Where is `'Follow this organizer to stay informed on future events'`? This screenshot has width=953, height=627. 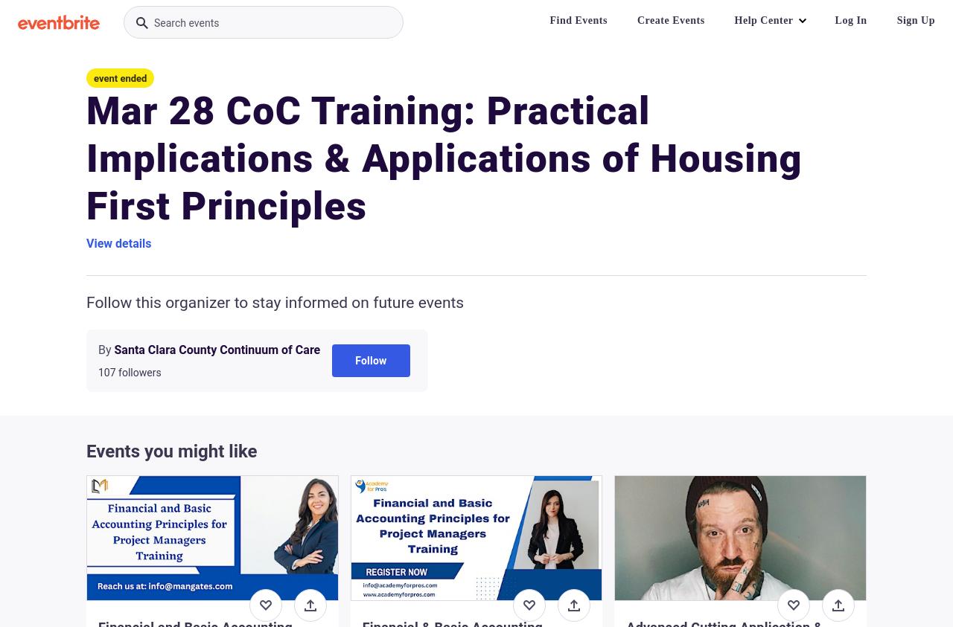 'Follow this organizer to stay informed on future events' is located at coordinates (275, 302).